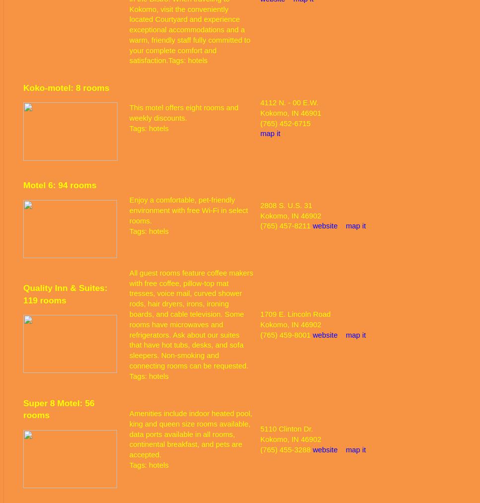  What do you see at coordinates (23, 408) in the screenshot?
I see `'Super 8 Motel: 56 rooms'` at bounding box center [23, 408].